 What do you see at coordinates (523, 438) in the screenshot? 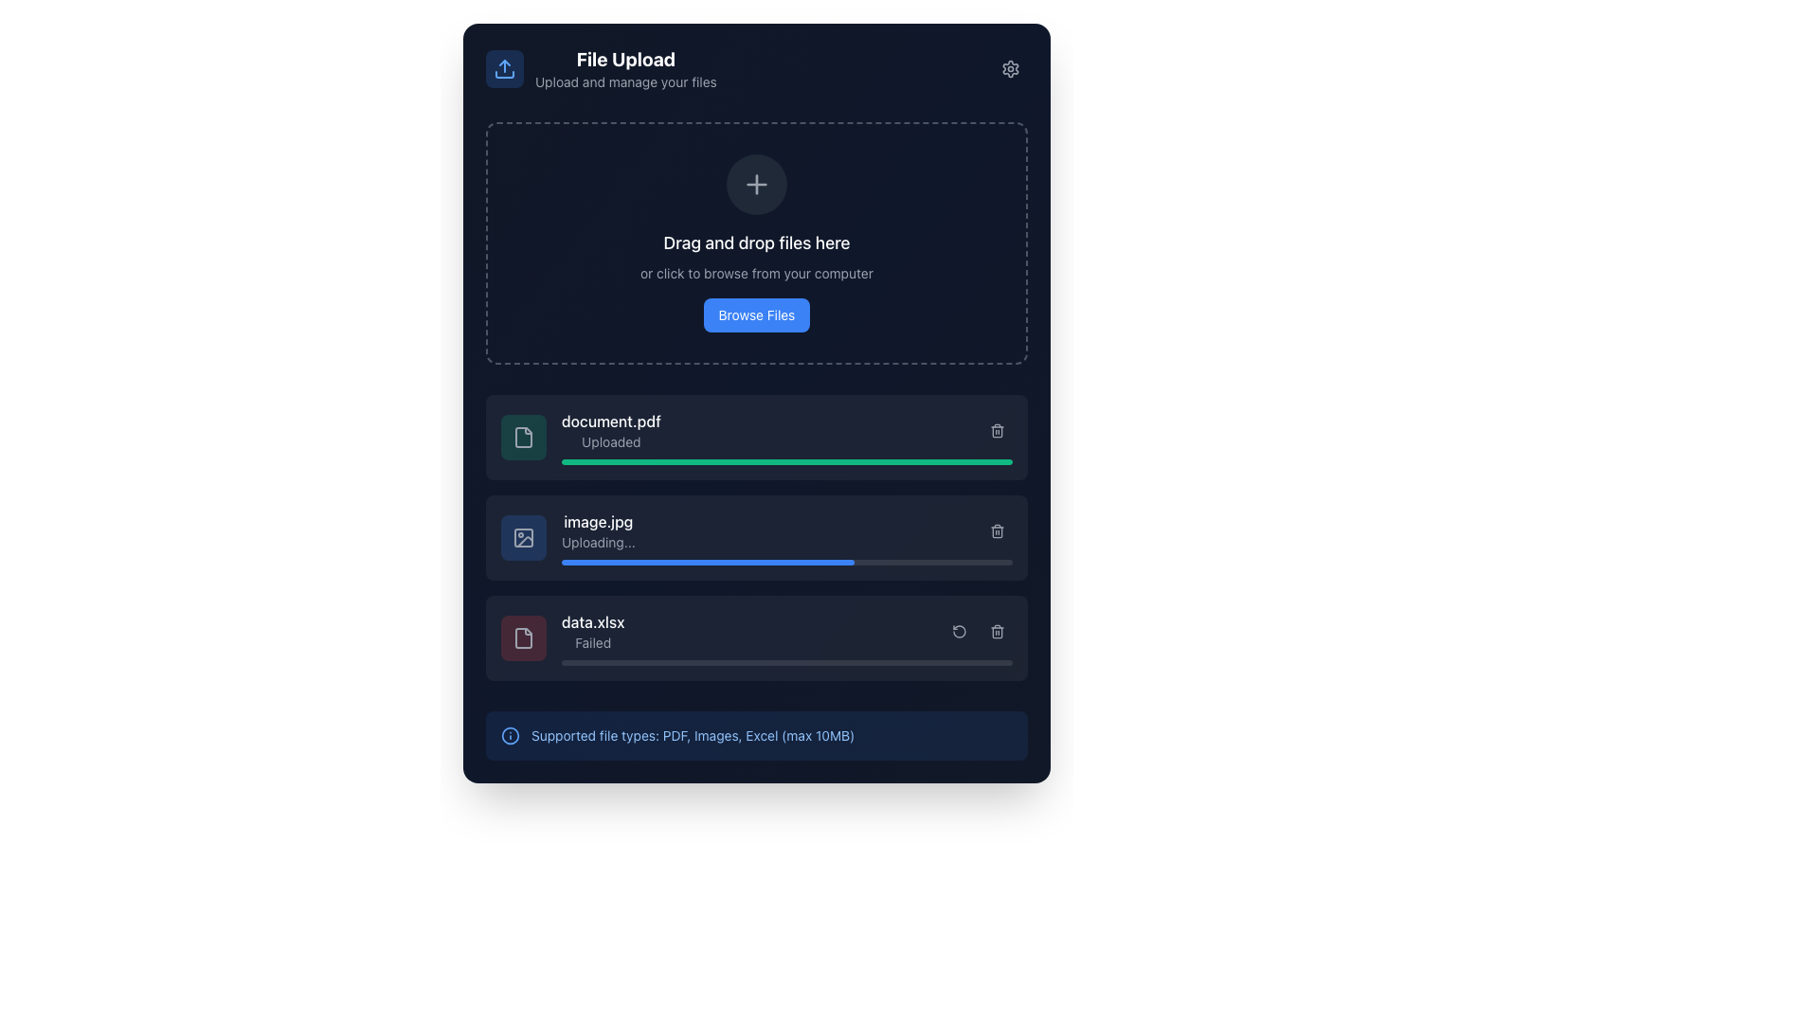
I see `the document icon associated with 'document.pdf' by clicking on the icon located to the left of the file name` at bounding box center [523, 438].